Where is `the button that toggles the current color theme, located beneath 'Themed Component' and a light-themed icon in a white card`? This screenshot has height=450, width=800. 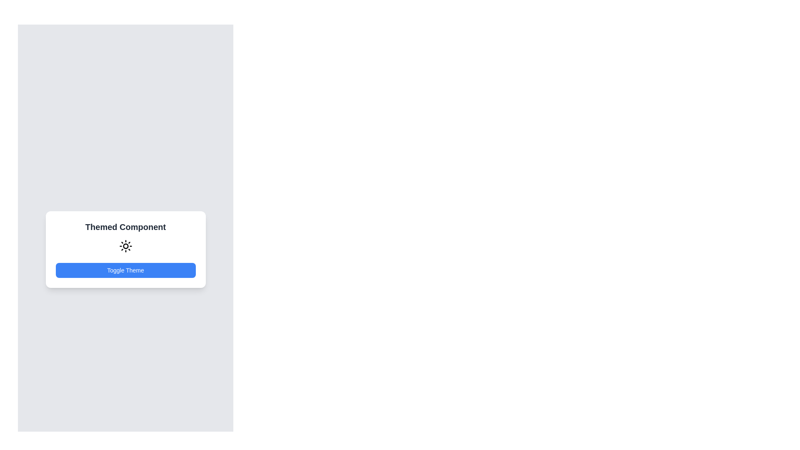
the button that toggles the current color theme, located beneath 'Themed Component' and a light-themed icon in a white card is located at coordinates (125, 270).